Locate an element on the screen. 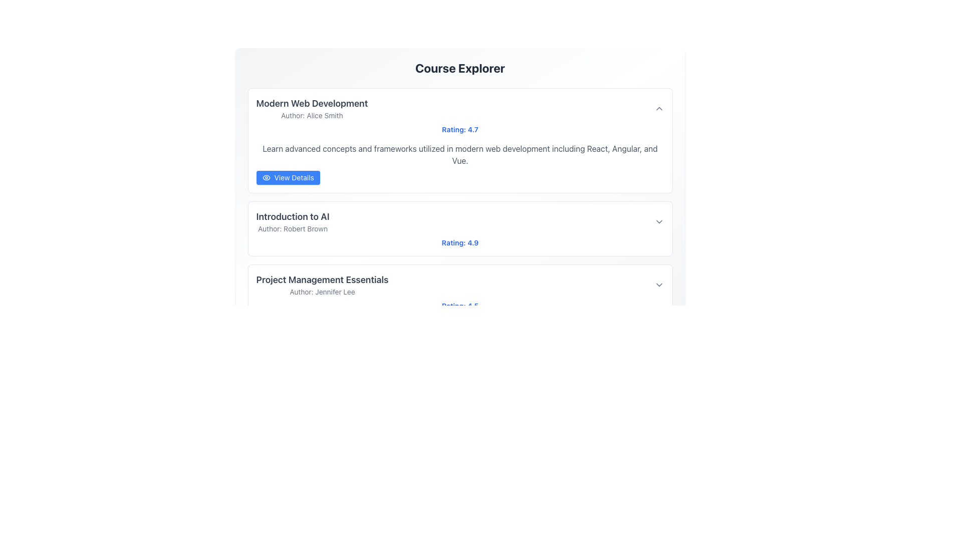  the text label displaying 'Author: Alice Smith' in a small gray font, located below 'Modern Web Development' is located at coordinates (311, 115).